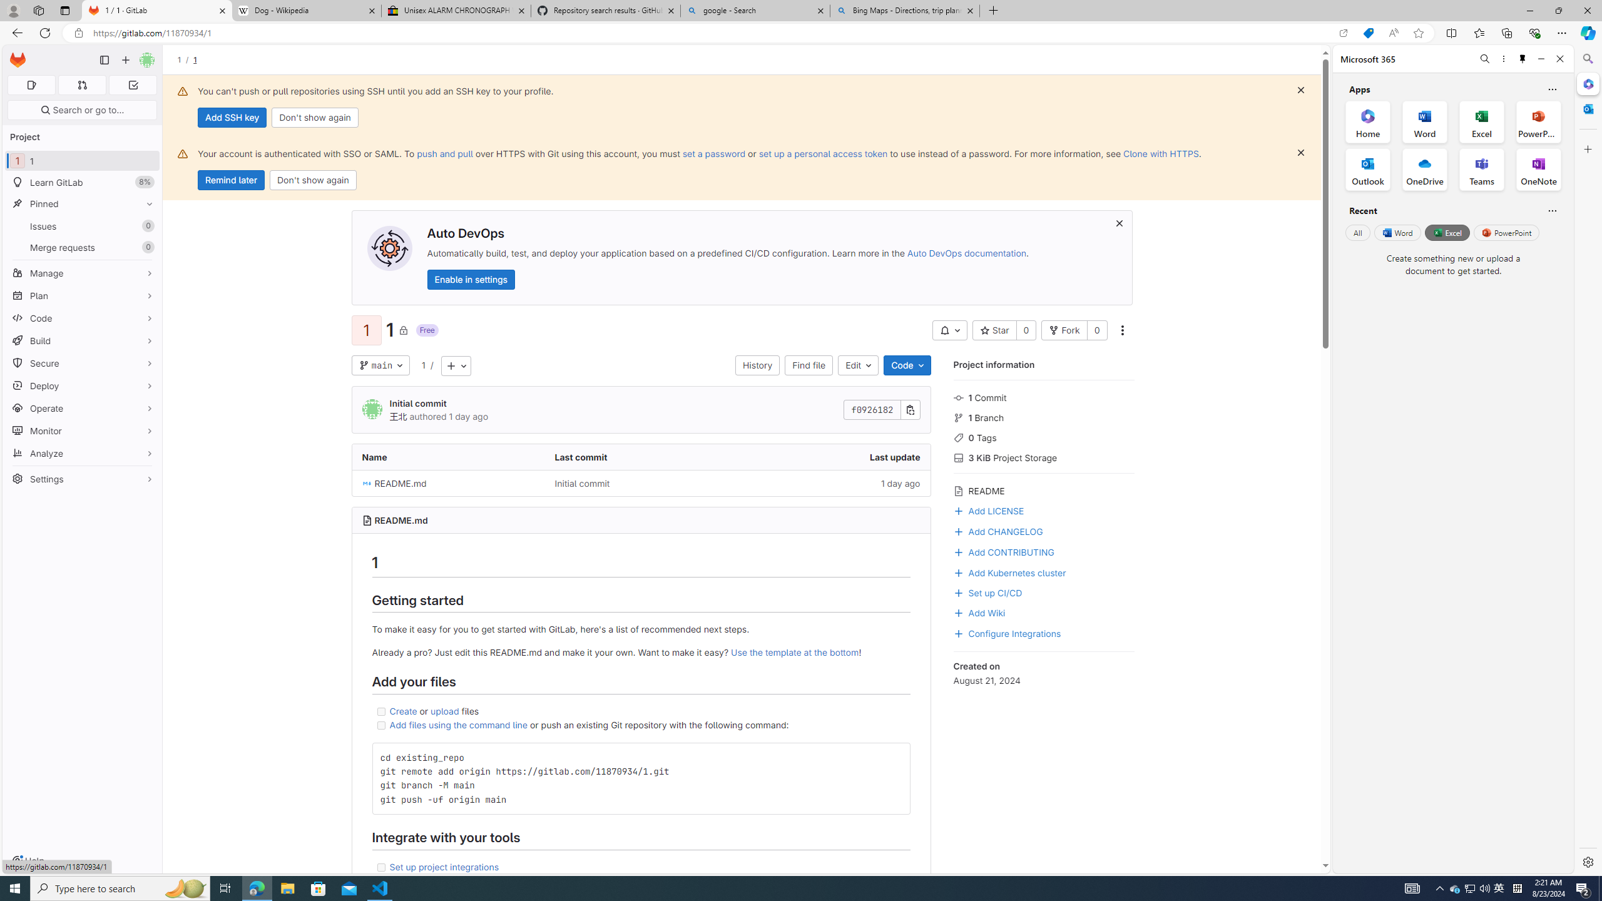  Describe the element at coordinates (1043, 396) in the screenshot. I see `'1 Commit'` at that location.